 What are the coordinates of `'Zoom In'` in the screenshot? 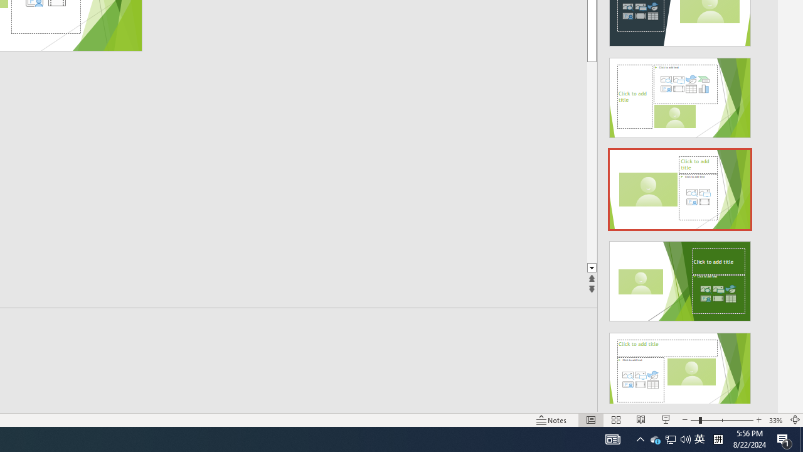 It's located at (758, 420).